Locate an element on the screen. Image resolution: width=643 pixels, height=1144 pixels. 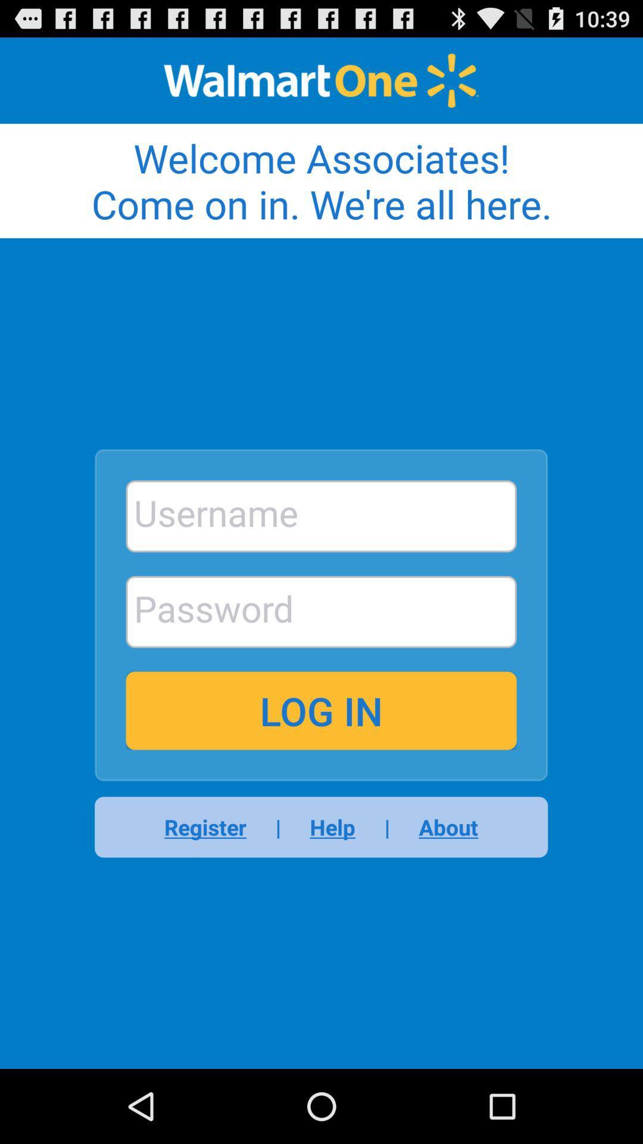
about  item is located at coordinates (441, 826).